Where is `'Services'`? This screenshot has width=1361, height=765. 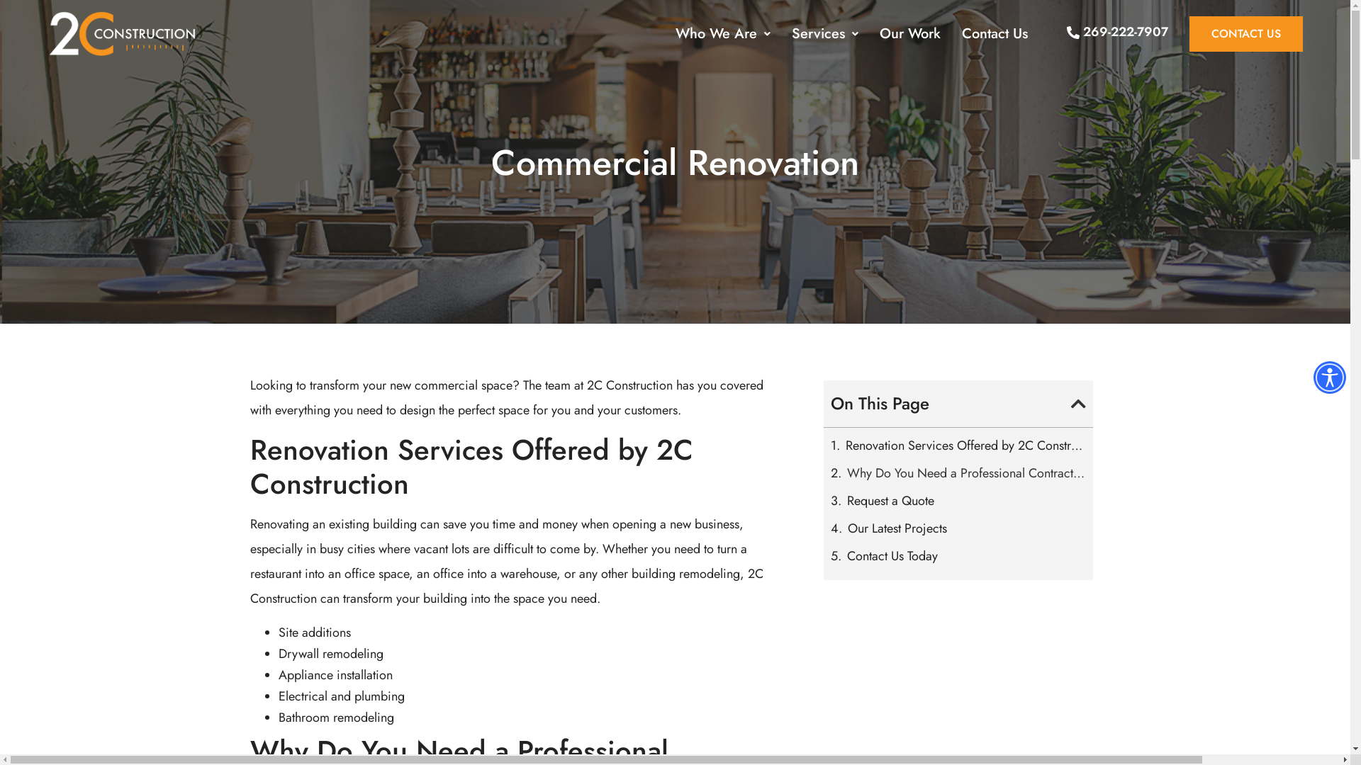
'Services' is located at coordinates (824, 33).